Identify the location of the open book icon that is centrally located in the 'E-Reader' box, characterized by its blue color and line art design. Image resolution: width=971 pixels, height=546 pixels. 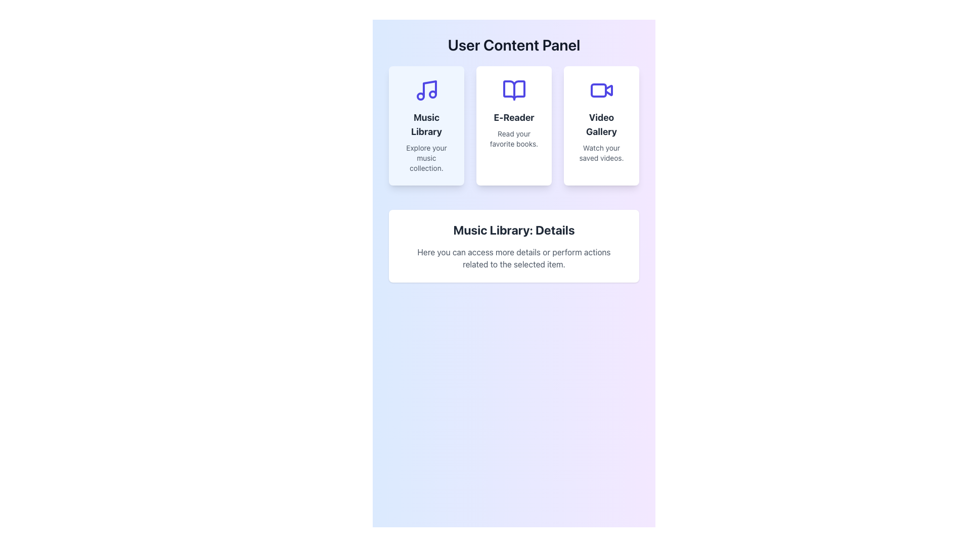
(514, 89).